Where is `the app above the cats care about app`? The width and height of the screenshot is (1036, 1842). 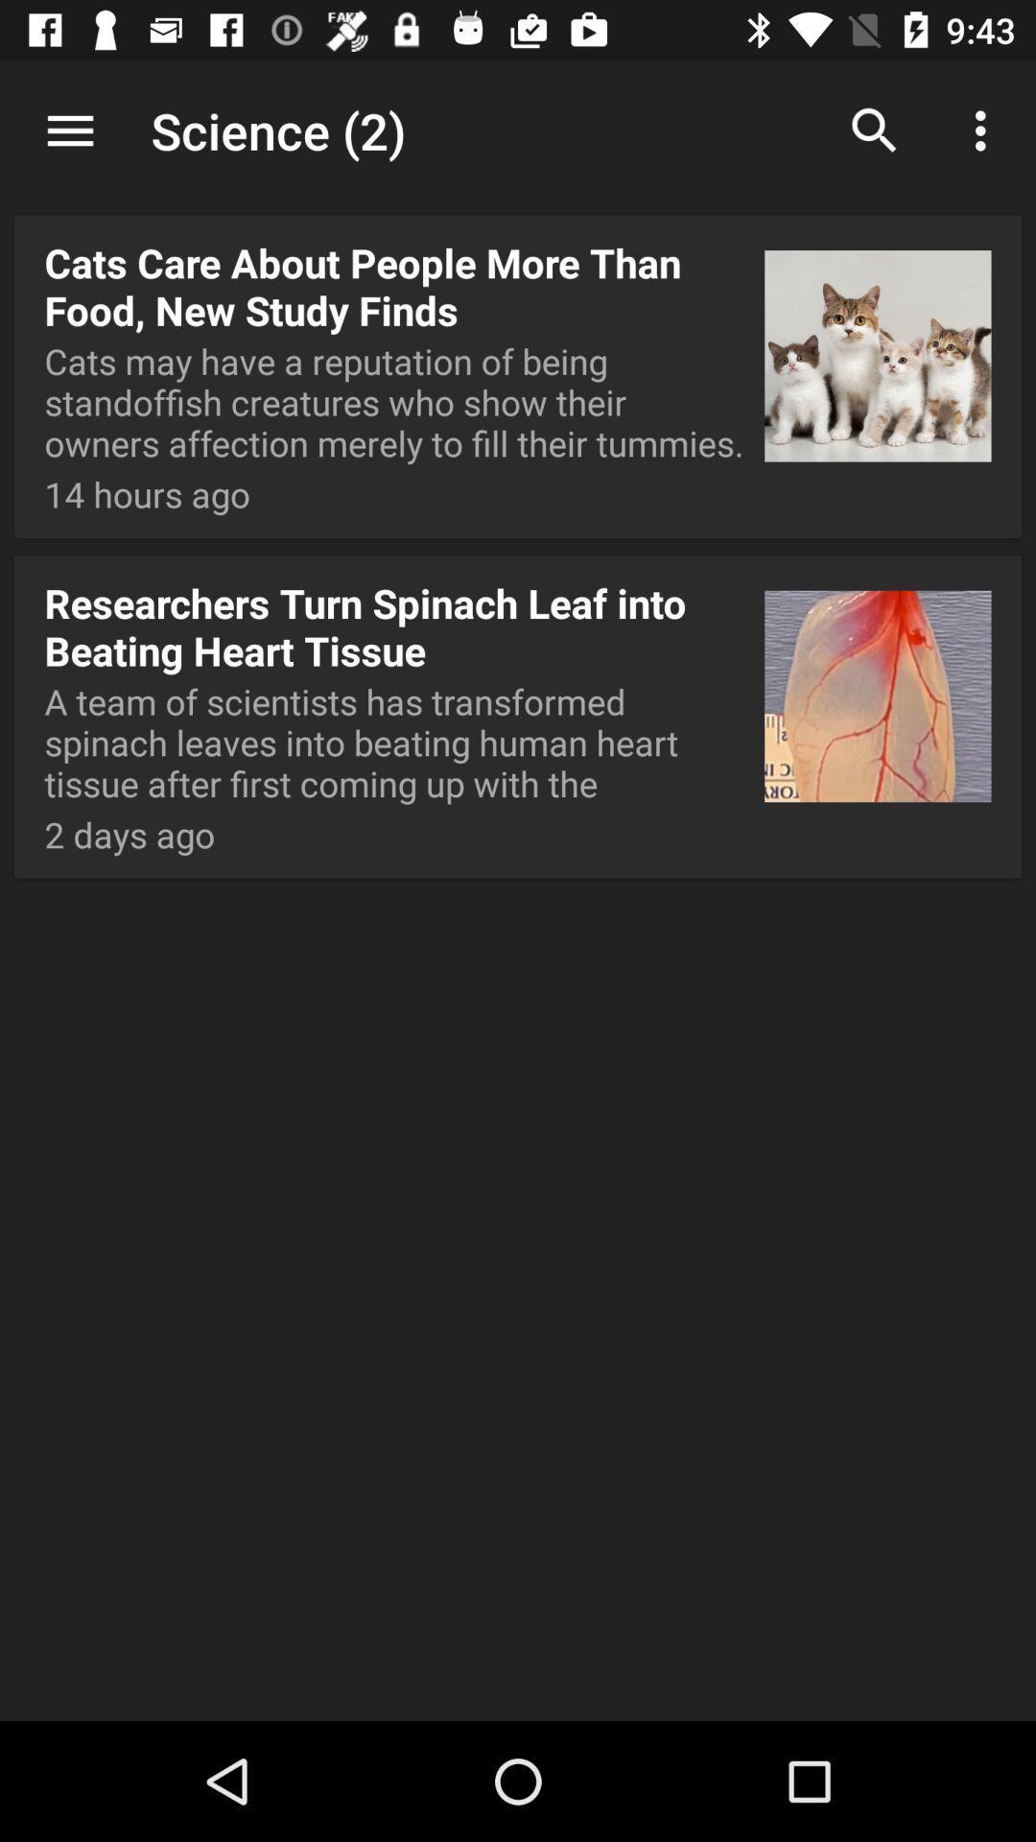
the app above the cats care about app is located at coordinates (518, 132).